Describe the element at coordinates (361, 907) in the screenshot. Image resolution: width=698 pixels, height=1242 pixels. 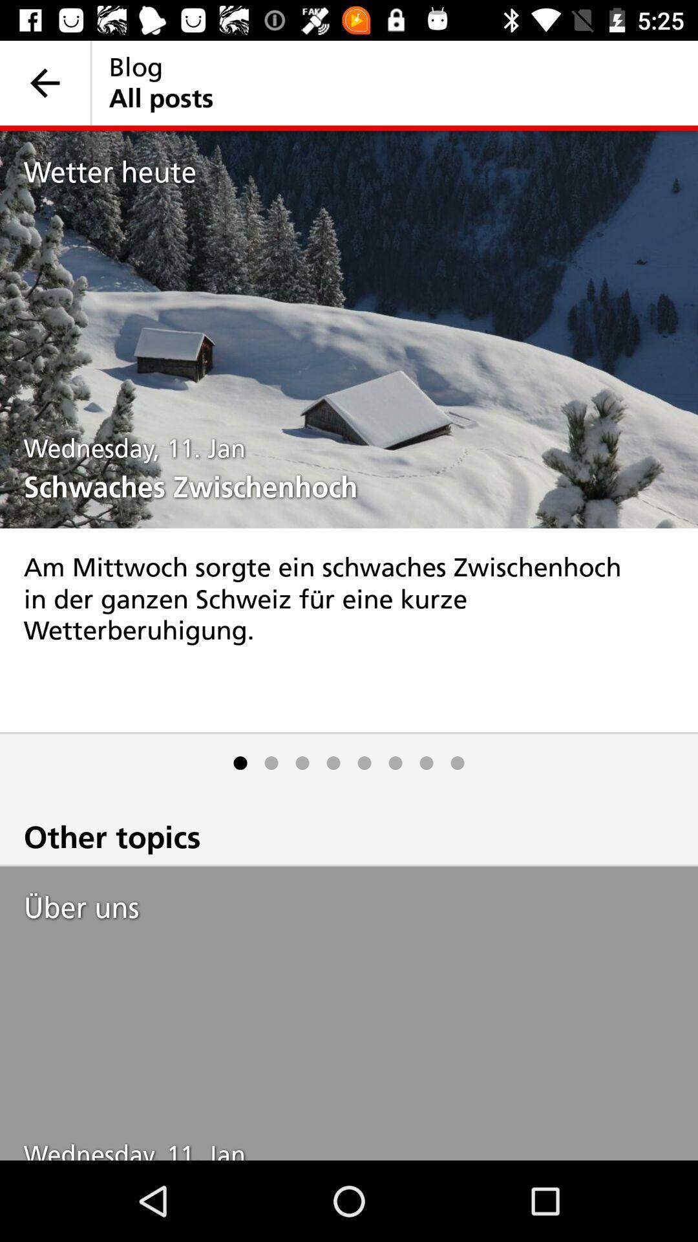
I see `the icon above the wednesday, 11. jan item` at that location.